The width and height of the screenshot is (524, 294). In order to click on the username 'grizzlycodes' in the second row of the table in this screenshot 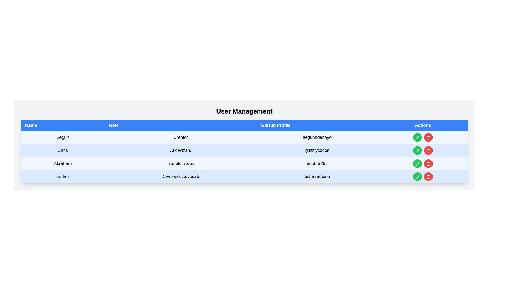, I will do `click(244, 150)`.